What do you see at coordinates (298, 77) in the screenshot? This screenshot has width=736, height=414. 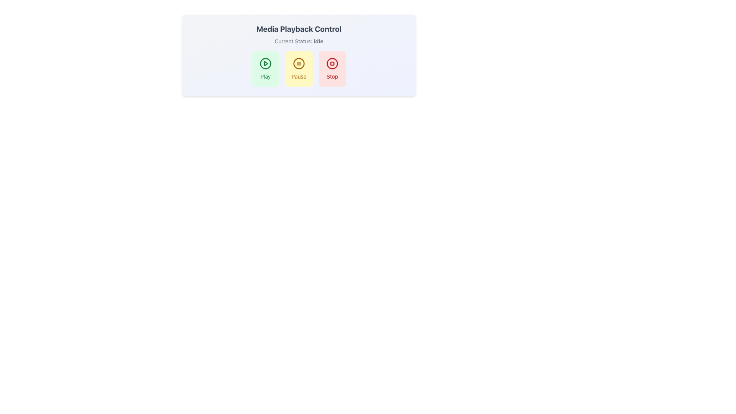 I see `the descriptive label for the 'Pause' button located within the yellow square button in the middle position among 'Play', 'Pause', and 'Stop' controls` at bounding box center [298, 77].